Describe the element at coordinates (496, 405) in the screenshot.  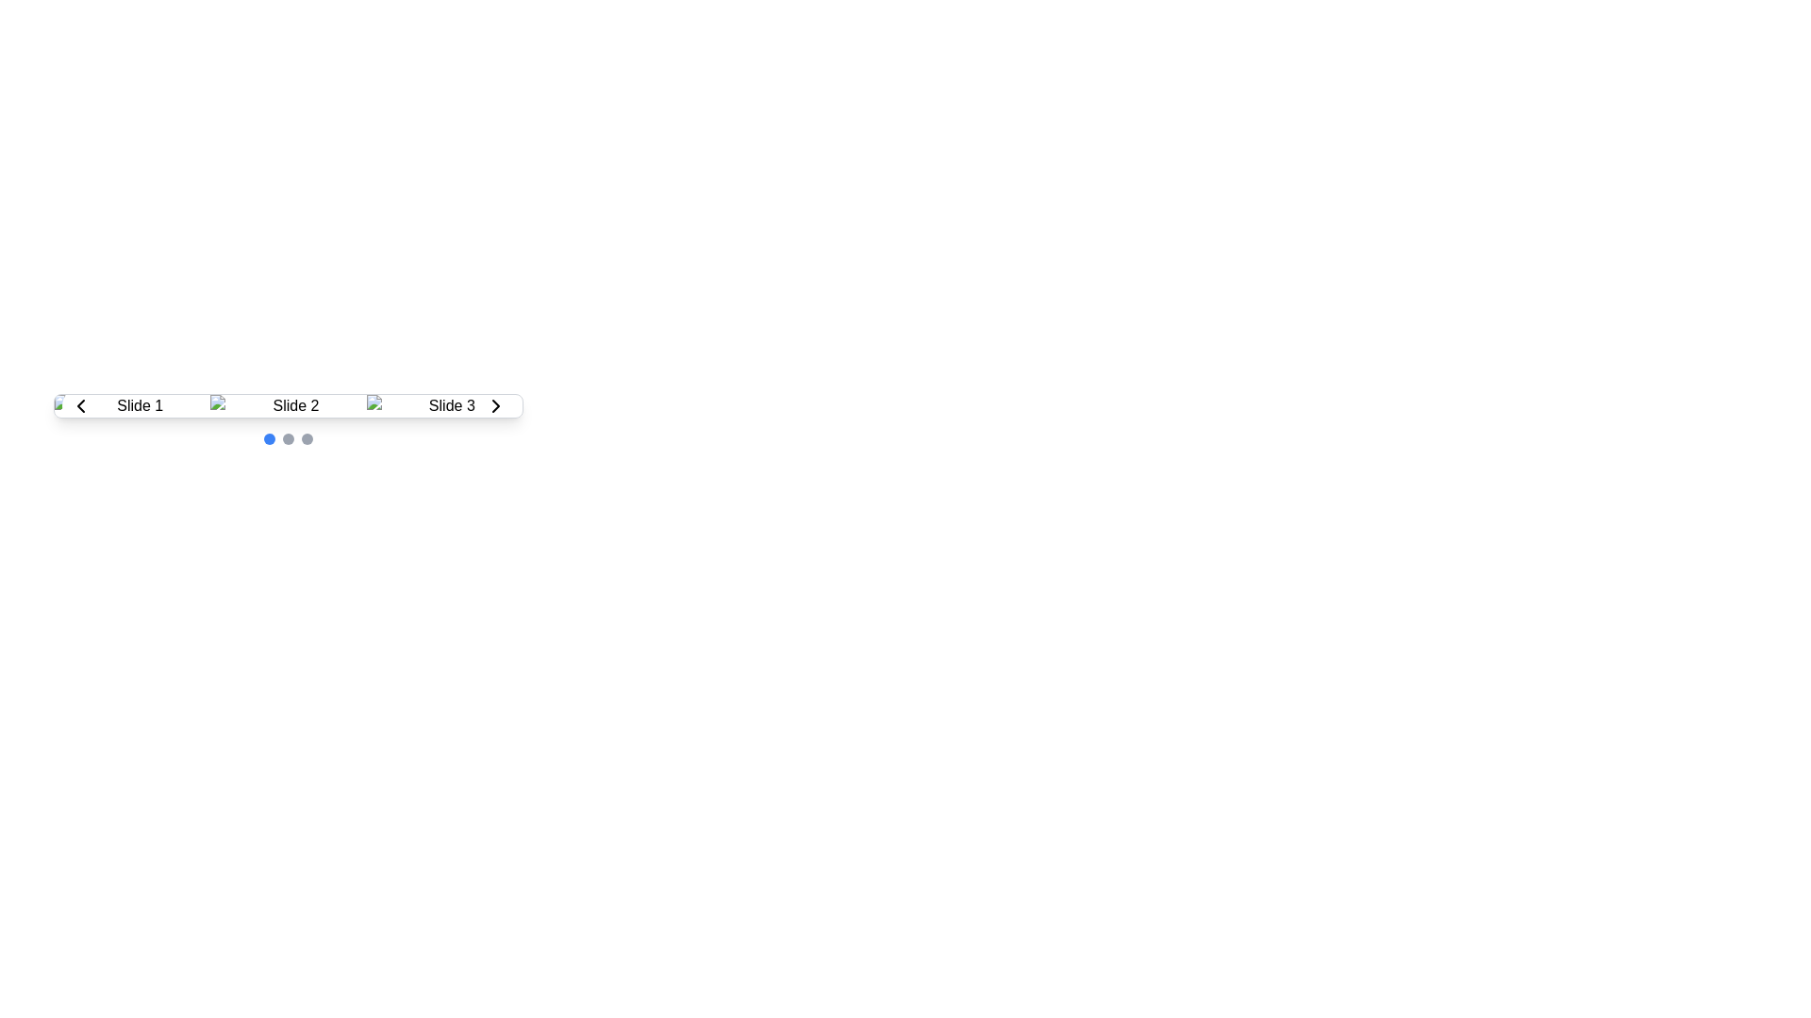
I see `the rightward chevron icon button located at the rightmost end of the horizontal navigation bar below the 'Slide 3' label` at that location.